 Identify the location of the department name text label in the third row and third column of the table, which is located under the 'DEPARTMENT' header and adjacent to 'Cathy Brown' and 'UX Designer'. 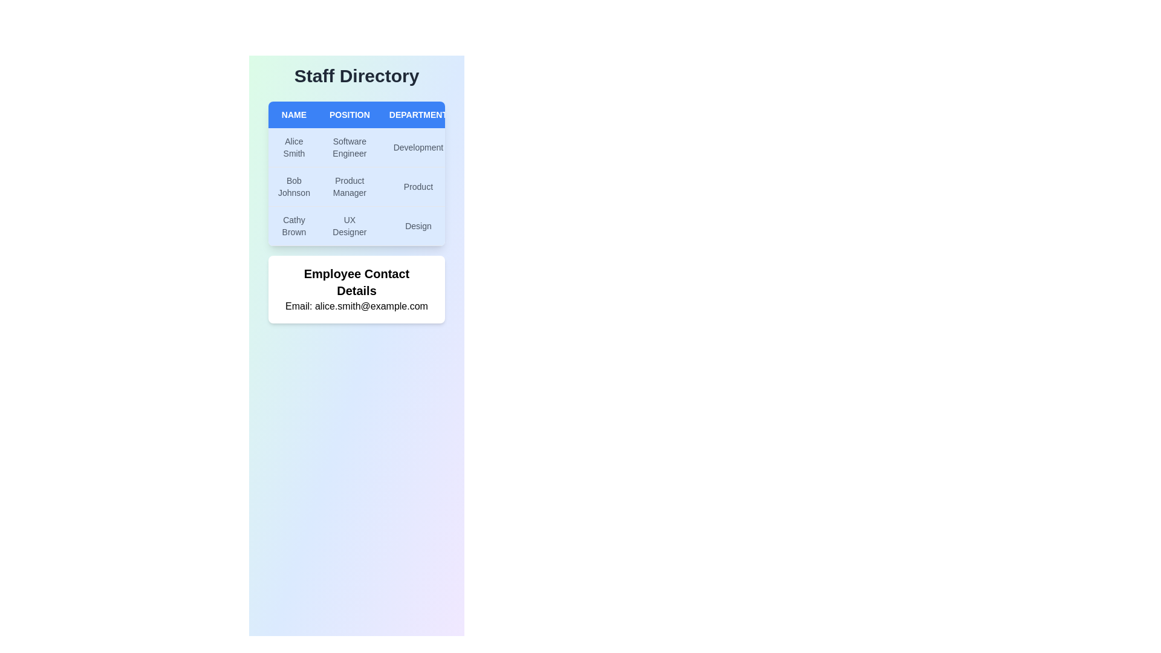
(418, 226).